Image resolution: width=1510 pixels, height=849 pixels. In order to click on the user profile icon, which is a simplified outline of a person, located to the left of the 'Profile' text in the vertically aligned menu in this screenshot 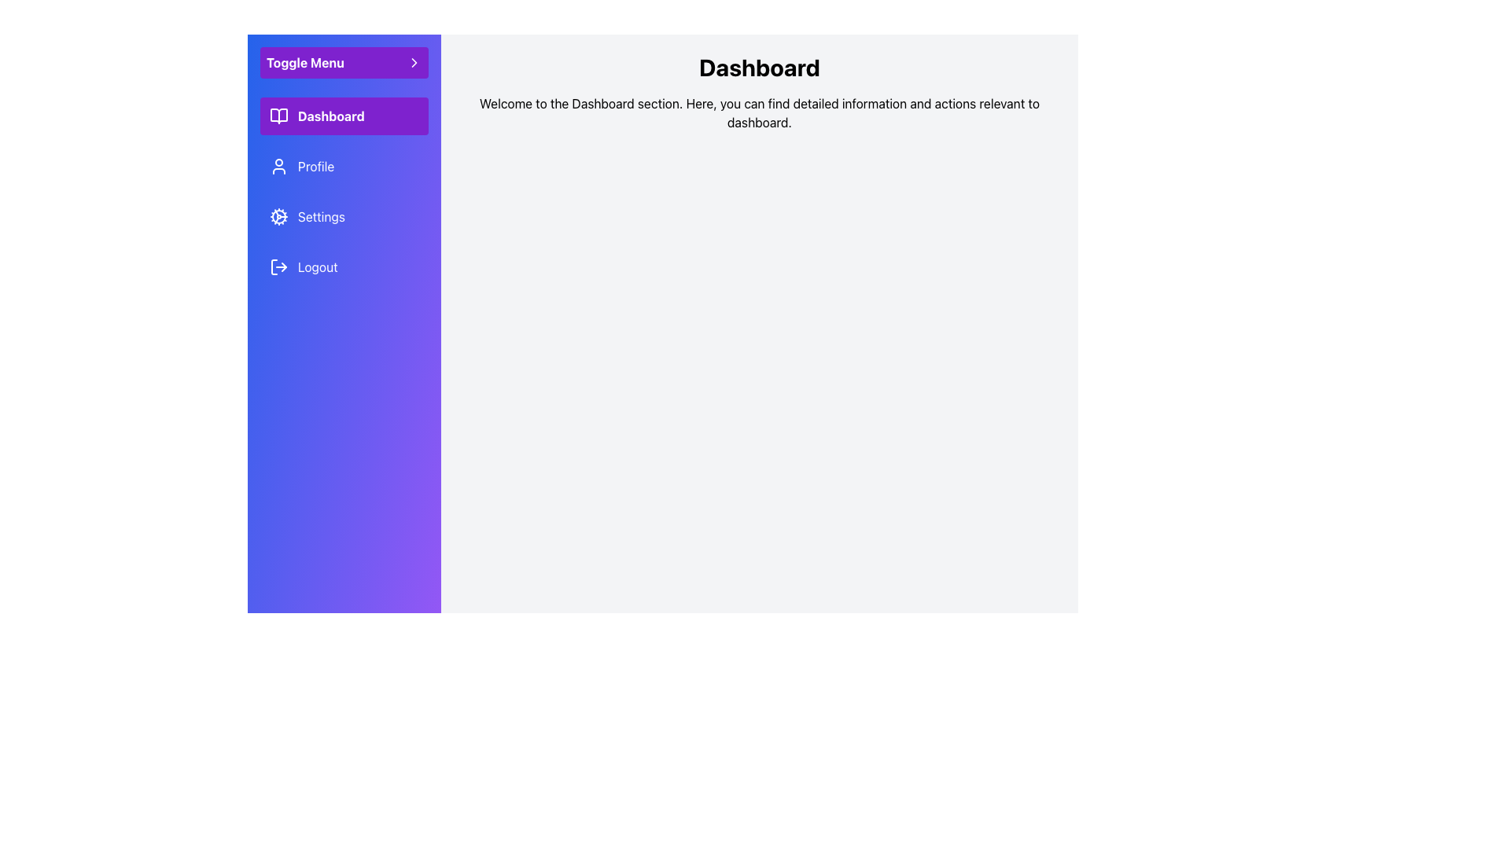, I will do `click(279, 167)`.